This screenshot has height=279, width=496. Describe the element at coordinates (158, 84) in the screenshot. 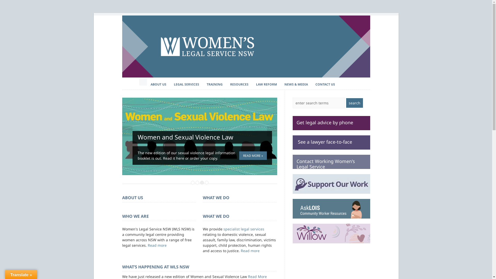

I see `'ABOUT US'` at that location.